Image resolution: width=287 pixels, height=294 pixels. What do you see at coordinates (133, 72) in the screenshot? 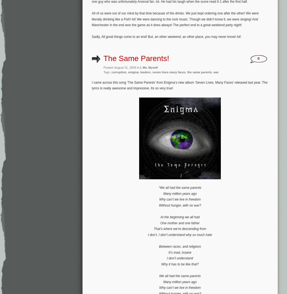
I see `'enigma'` at bounding box center [133, 72].